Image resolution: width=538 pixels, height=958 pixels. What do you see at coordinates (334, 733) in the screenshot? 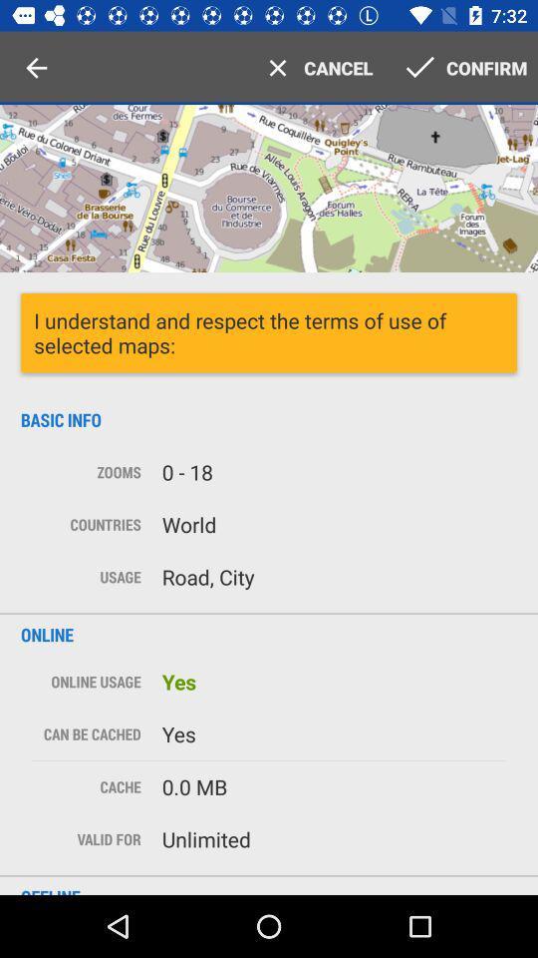
I see `the text which is right to can be cached` at bounding box center [334, 733].